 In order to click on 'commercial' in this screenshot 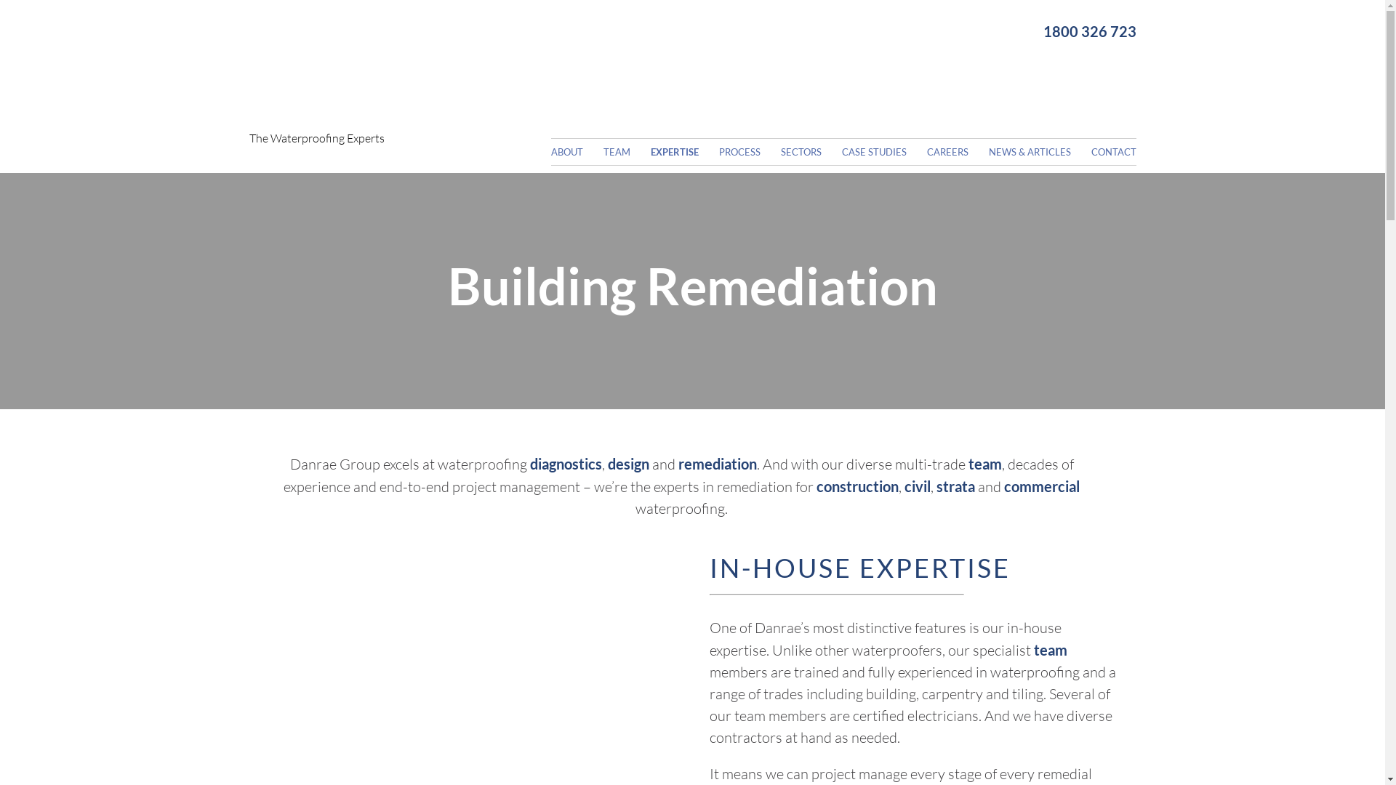, I will do `click(1041, 486)`.